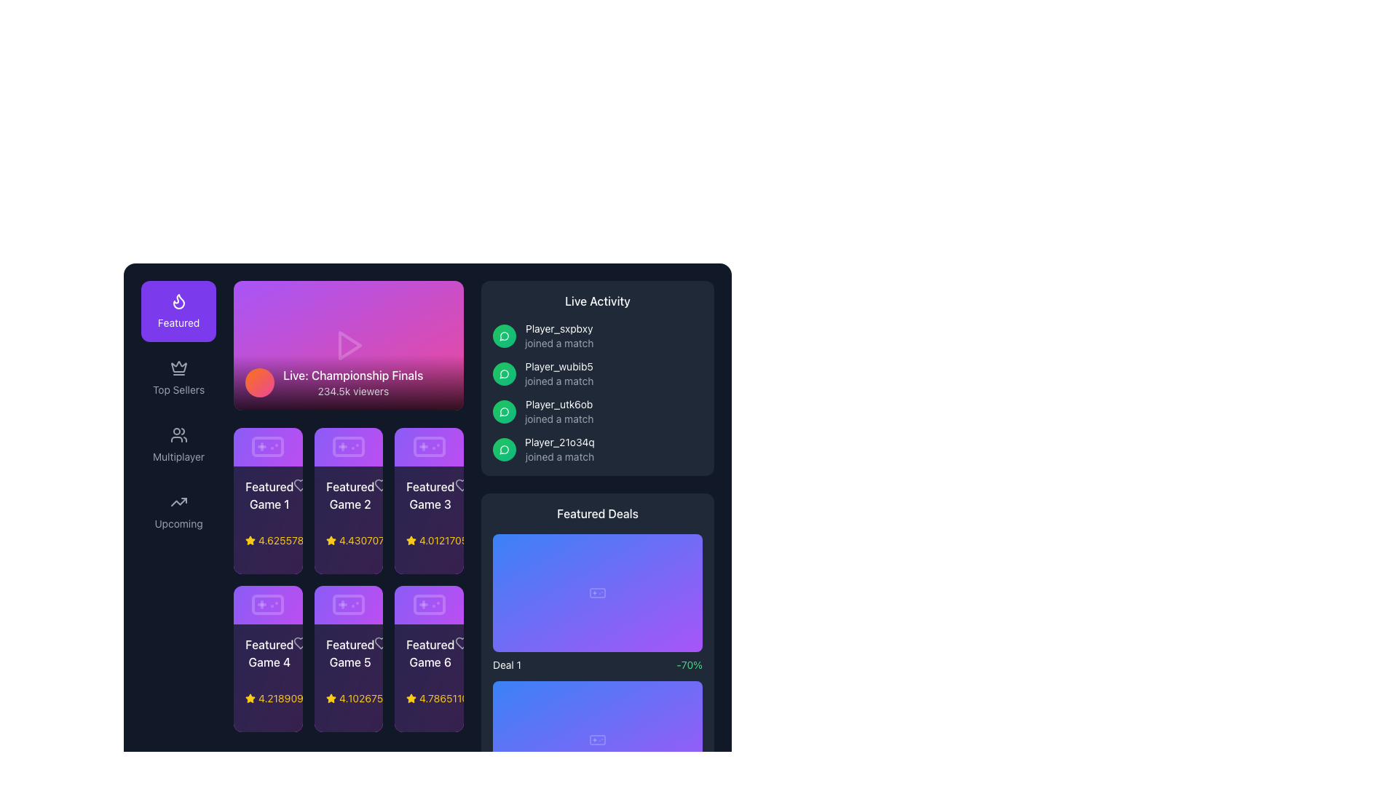  I want to click on the 'Multiplayer' text label located in the left side navigation panel, so click(178, 456).